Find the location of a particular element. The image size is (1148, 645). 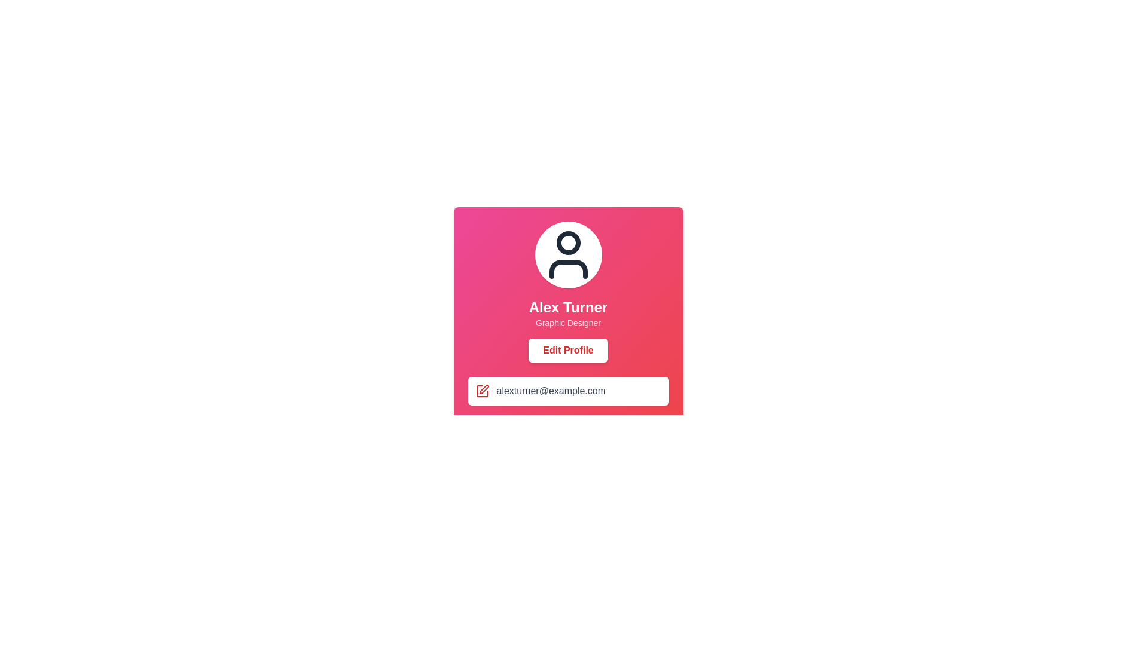

the text label displaying the email address 'alexturner@example.com', which is styled in light gray and located next to a red edit icon is located at coordinates (550, 391).